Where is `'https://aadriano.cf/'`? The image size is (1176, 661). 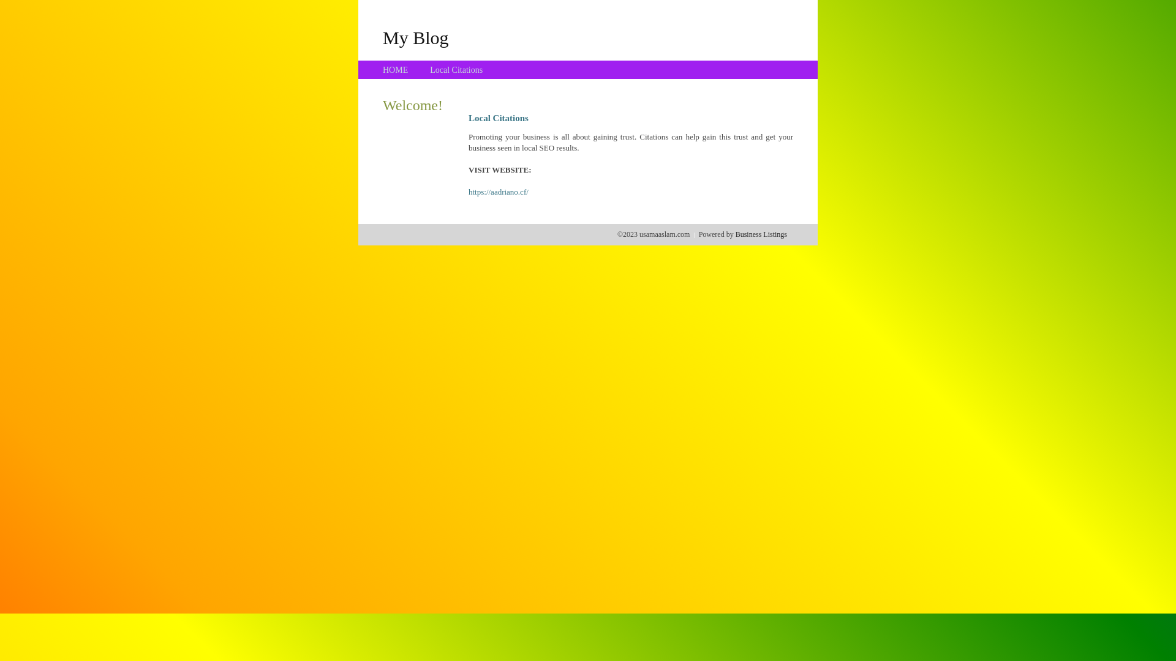 'https://aadriano.cf/' is located at coordinates (499, 192).